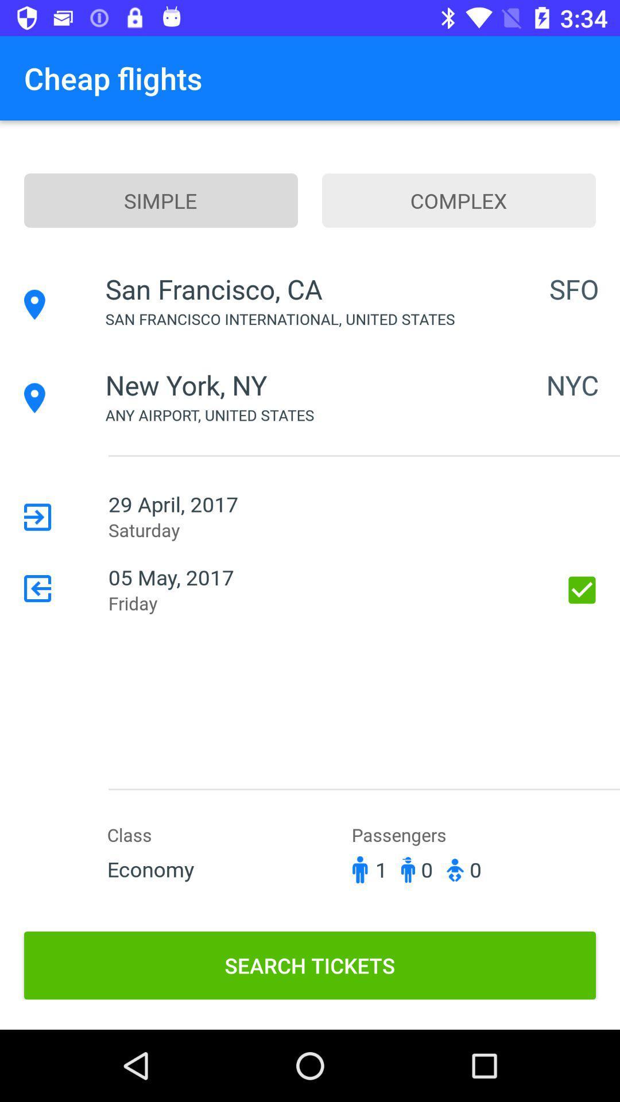 Image resolution: width=620 pixels, height=1102 pixels. What do you see at coordinates (582, 590) in the screenshot?
I see `item next to 05 may, 2017 icon` at bounding box center [582, 590].